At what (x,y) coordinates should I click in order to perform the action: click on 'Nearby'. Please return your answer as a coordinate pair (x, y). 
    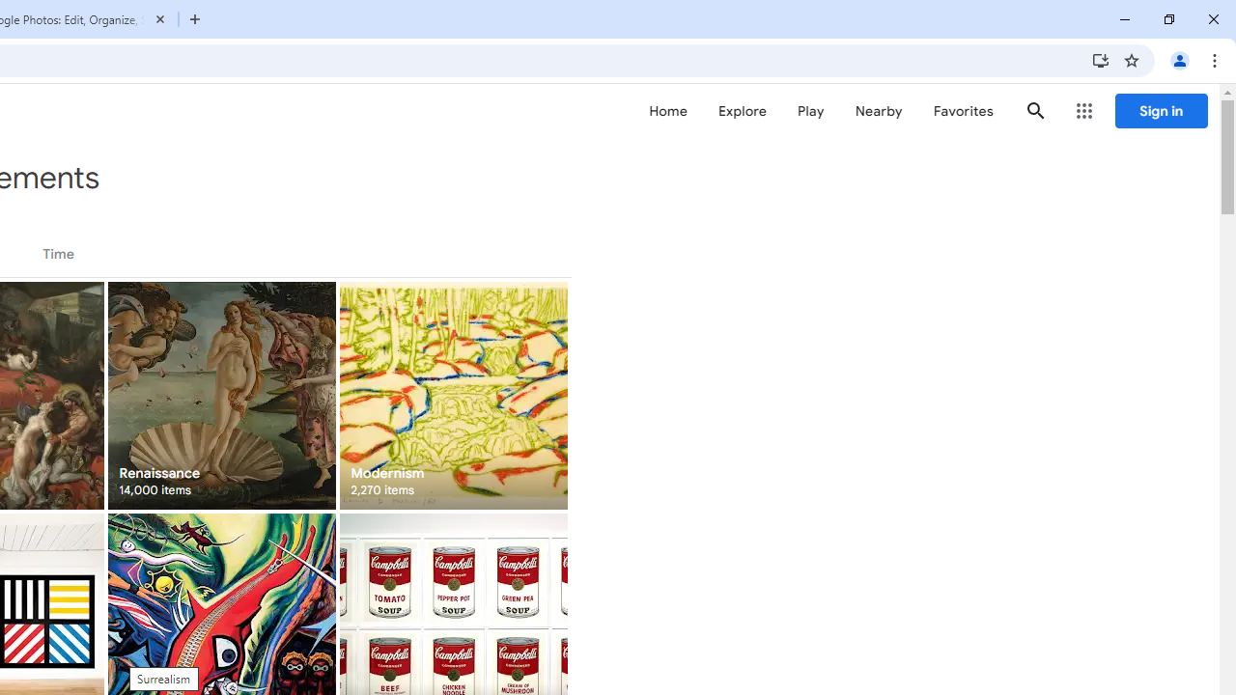
    Looking at the image, I should click on (878, 111).